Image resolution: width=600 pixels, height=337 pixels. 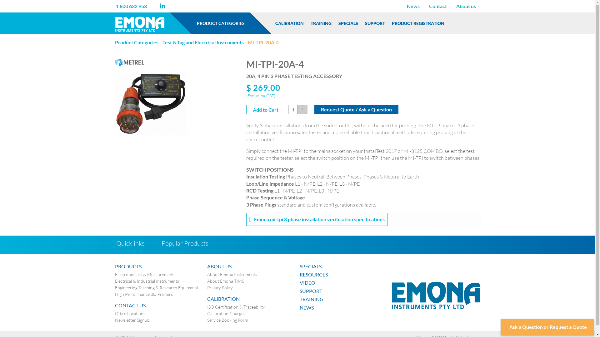 I want to click on '1 800 632 953', so click(x=131, y=6).